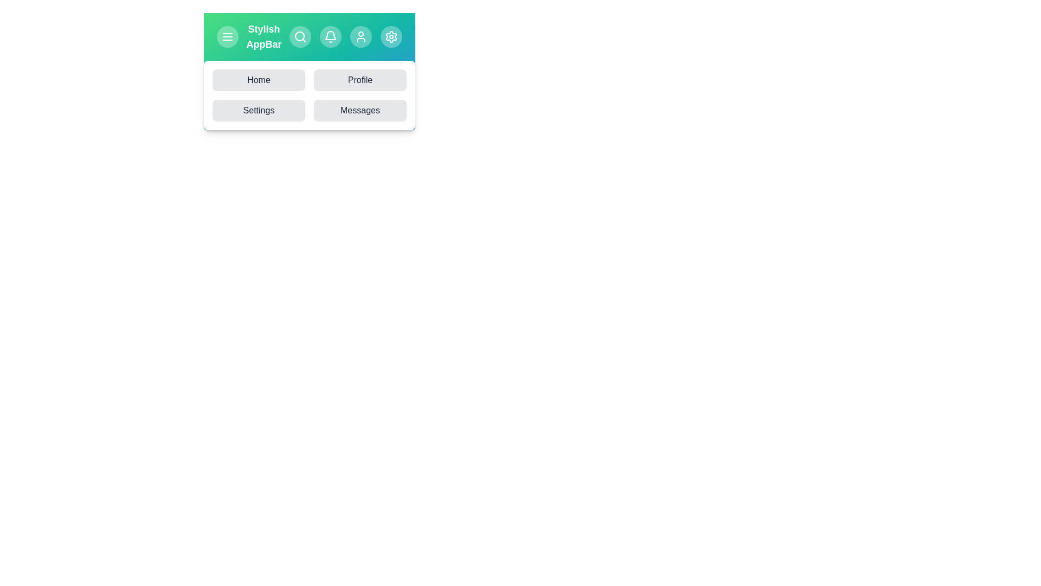 This screenshot has width=1041, height=586. Describe the element at coordinates (227, 36) in the screenshot. I see `the menu toggle button to toggle the menu visibility` at that location.